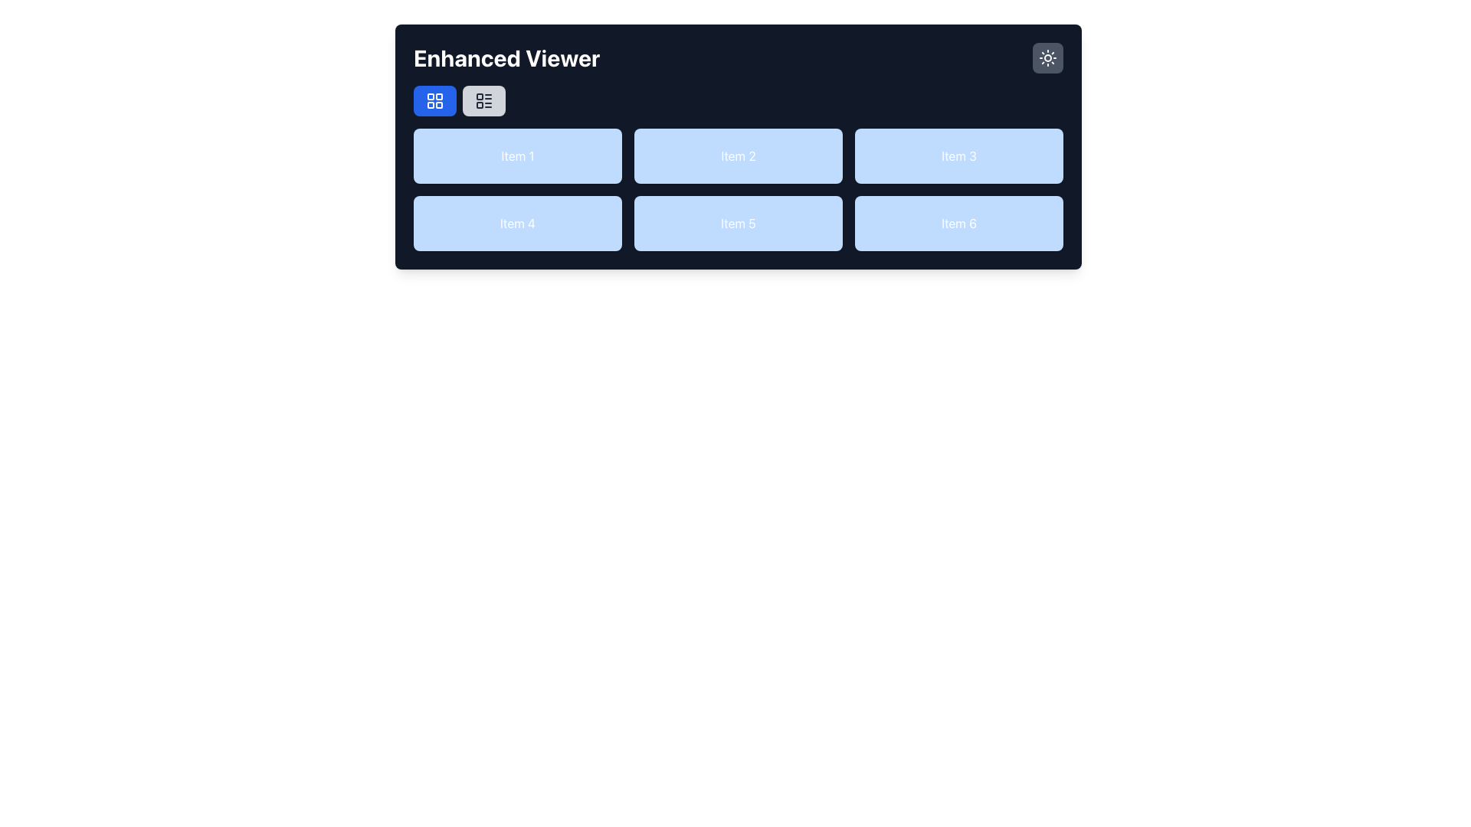 This screenshot has width=1471, height=827. Describe the element at coordinates (434, 100) in the screenshot. I see `the button` at that location.